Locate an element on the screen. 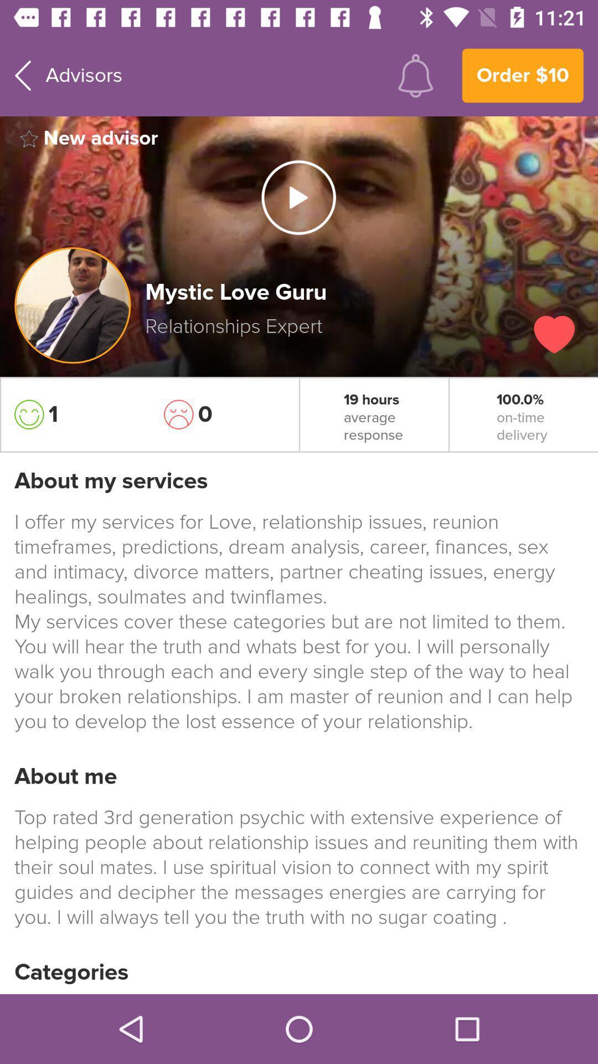 This screenshot has width=598, height=1064. the item to the right of the mystic love guru is located at coordinates (554, 334).